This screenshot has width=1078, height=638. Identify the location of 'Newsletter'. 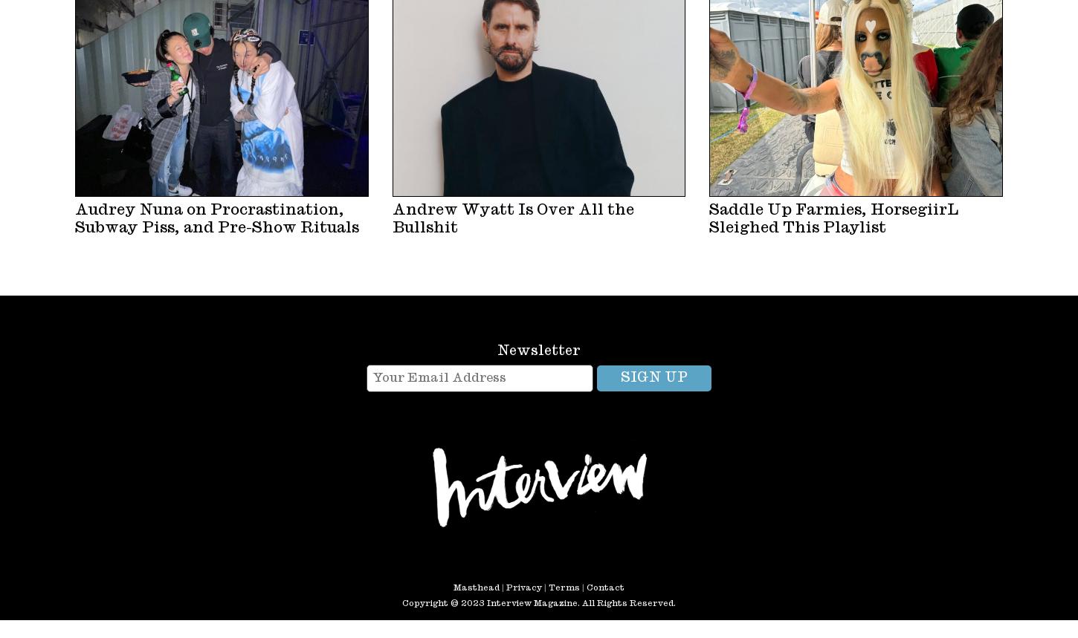
(539, 348).